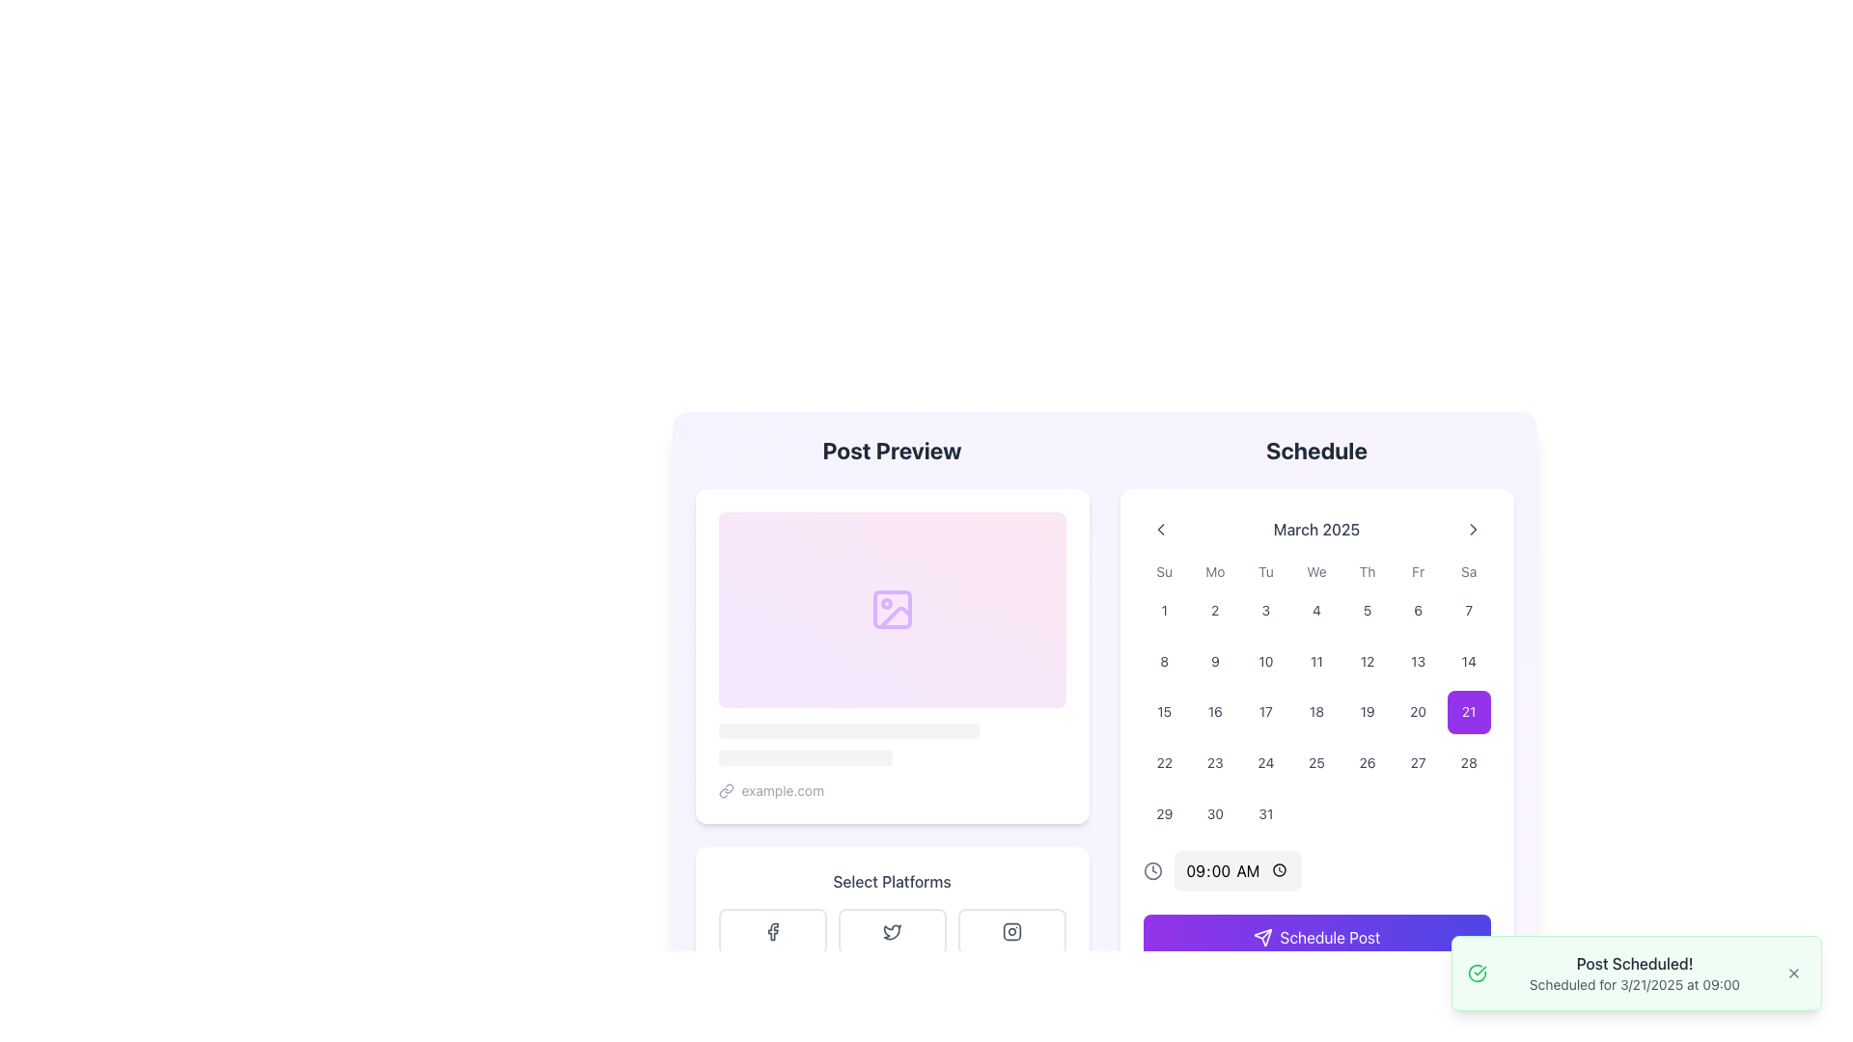  I want to click on the square-shaped button with the numeral '2' at its center, located in the calendar grid under the 'Mo' column, so click(1213, 610).